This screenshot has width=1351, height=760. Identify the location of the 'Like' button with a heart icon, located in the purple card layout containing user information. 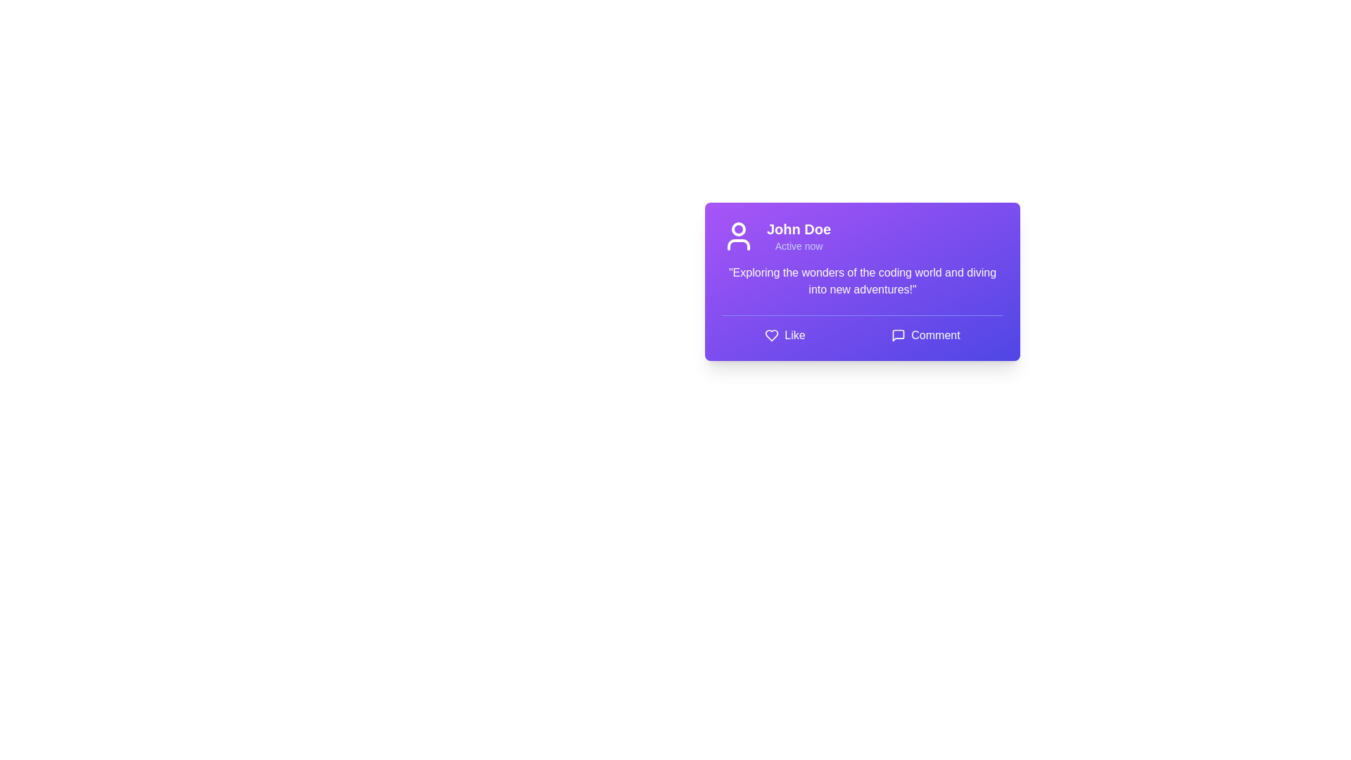
(784, 336).